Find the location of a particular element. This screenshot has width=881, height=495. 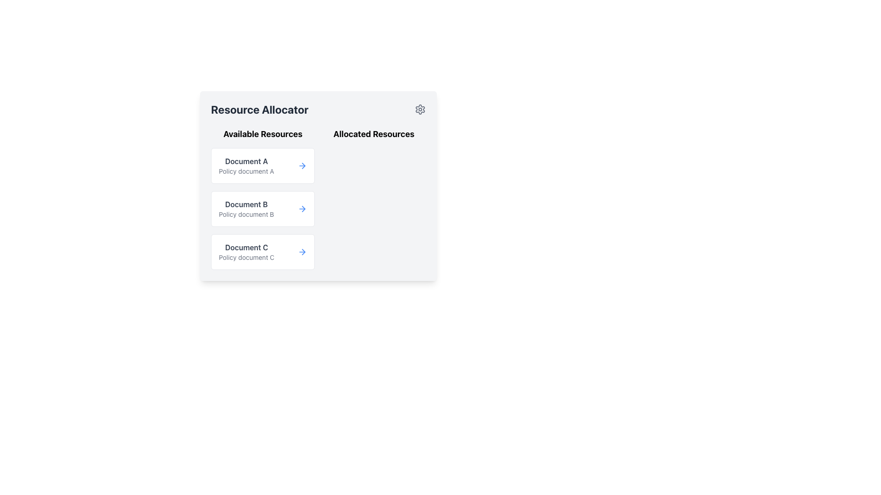

the static text label providing additional description for 'Document A', which is the second text line in the 'Available Resources' column is located at coordinates (246, 171).